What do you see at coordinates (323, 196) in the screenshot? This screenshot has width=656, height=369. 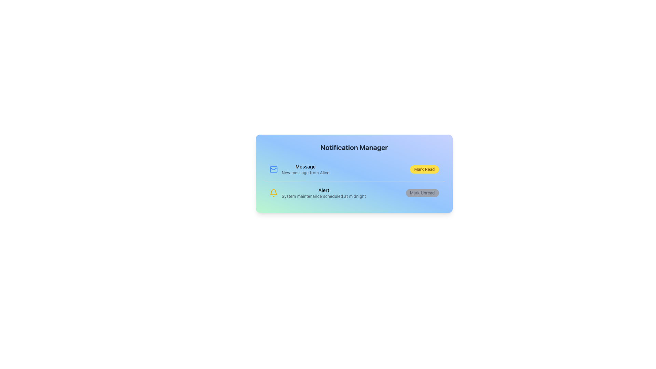 I see `the Static Text element that informs users about an upcoming system maintenance event, which is positioned below the 'Alert' title in the notification box` at bounding box center [323, 196].